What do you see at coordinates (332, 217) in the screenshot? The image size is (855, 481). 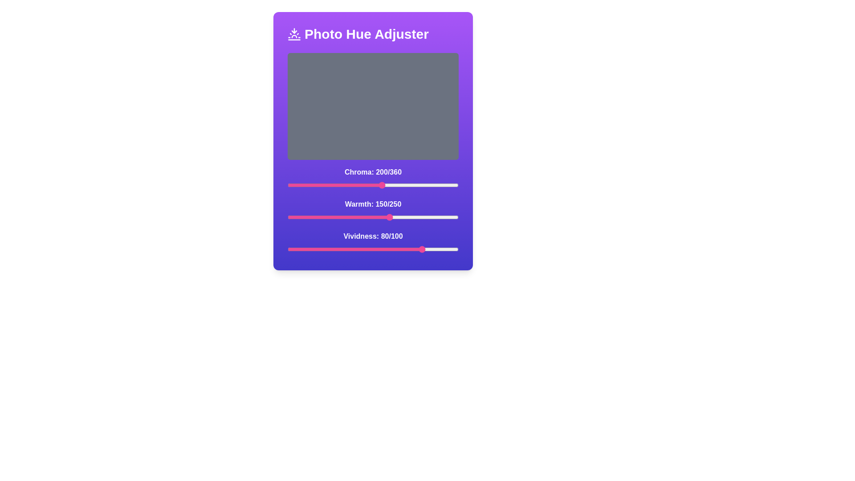 I see `the warmth slider to 66 value` at bounding box center [332, 217].